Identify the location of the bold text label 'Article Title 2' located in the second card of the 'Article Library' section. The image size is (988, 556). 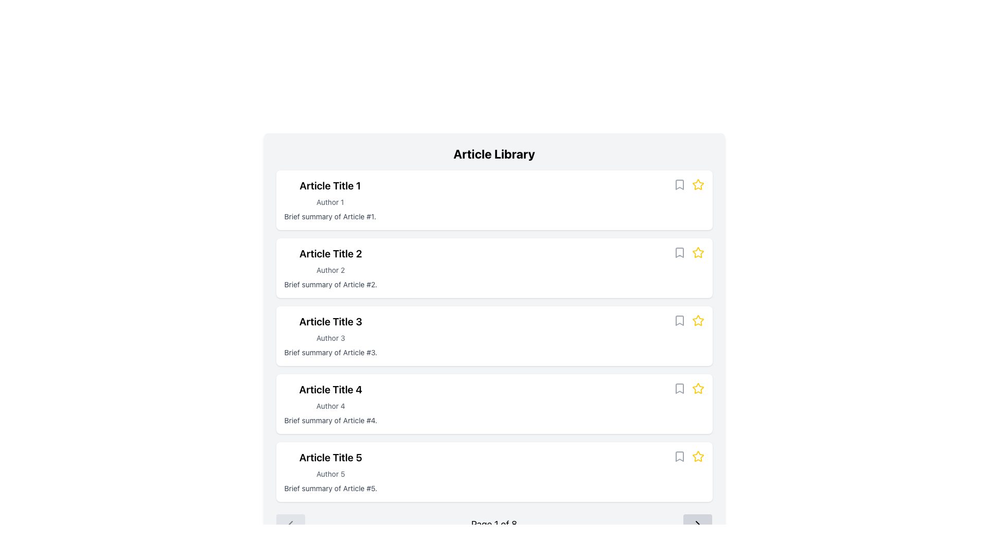
(330, 254).